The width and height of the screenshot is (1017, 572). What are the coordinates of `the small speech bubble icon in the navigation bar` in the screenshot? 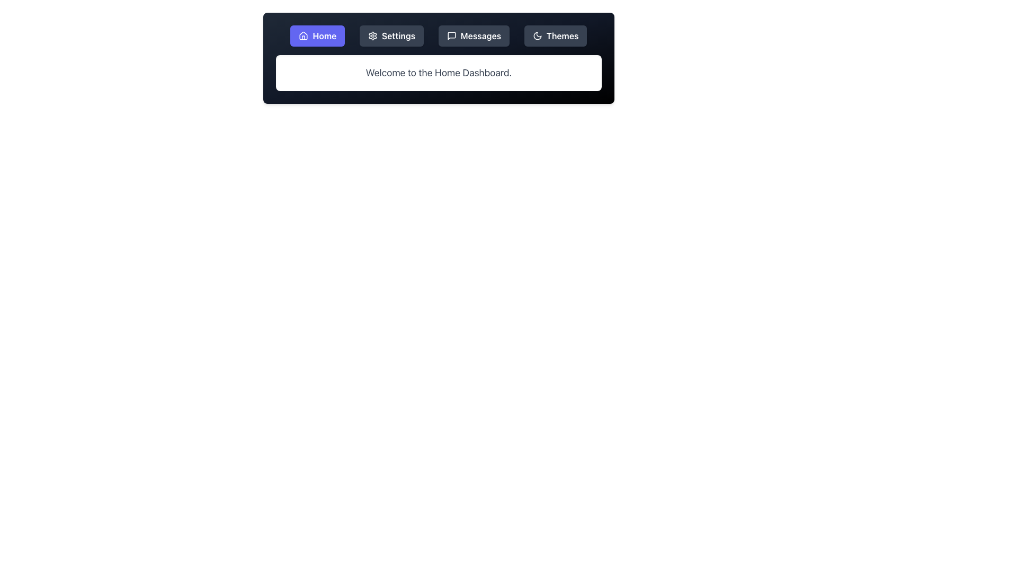 It's located at (451, 35).